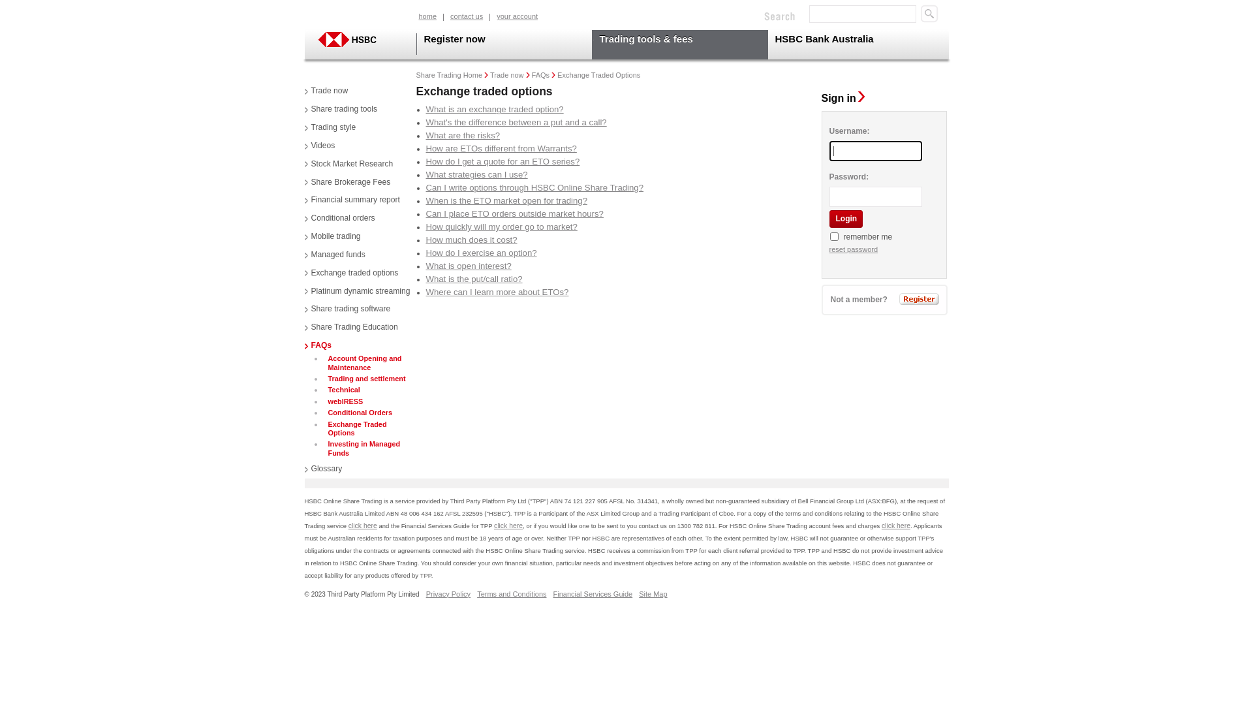  Describe the element at coordinates (365, 379) in the screenshot. I see `'Trading and settlement'` at that location.